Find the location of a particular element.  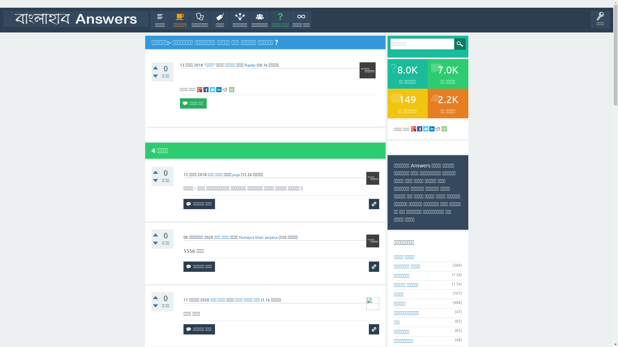

'share on tw' is located at coordinates (212, 89).